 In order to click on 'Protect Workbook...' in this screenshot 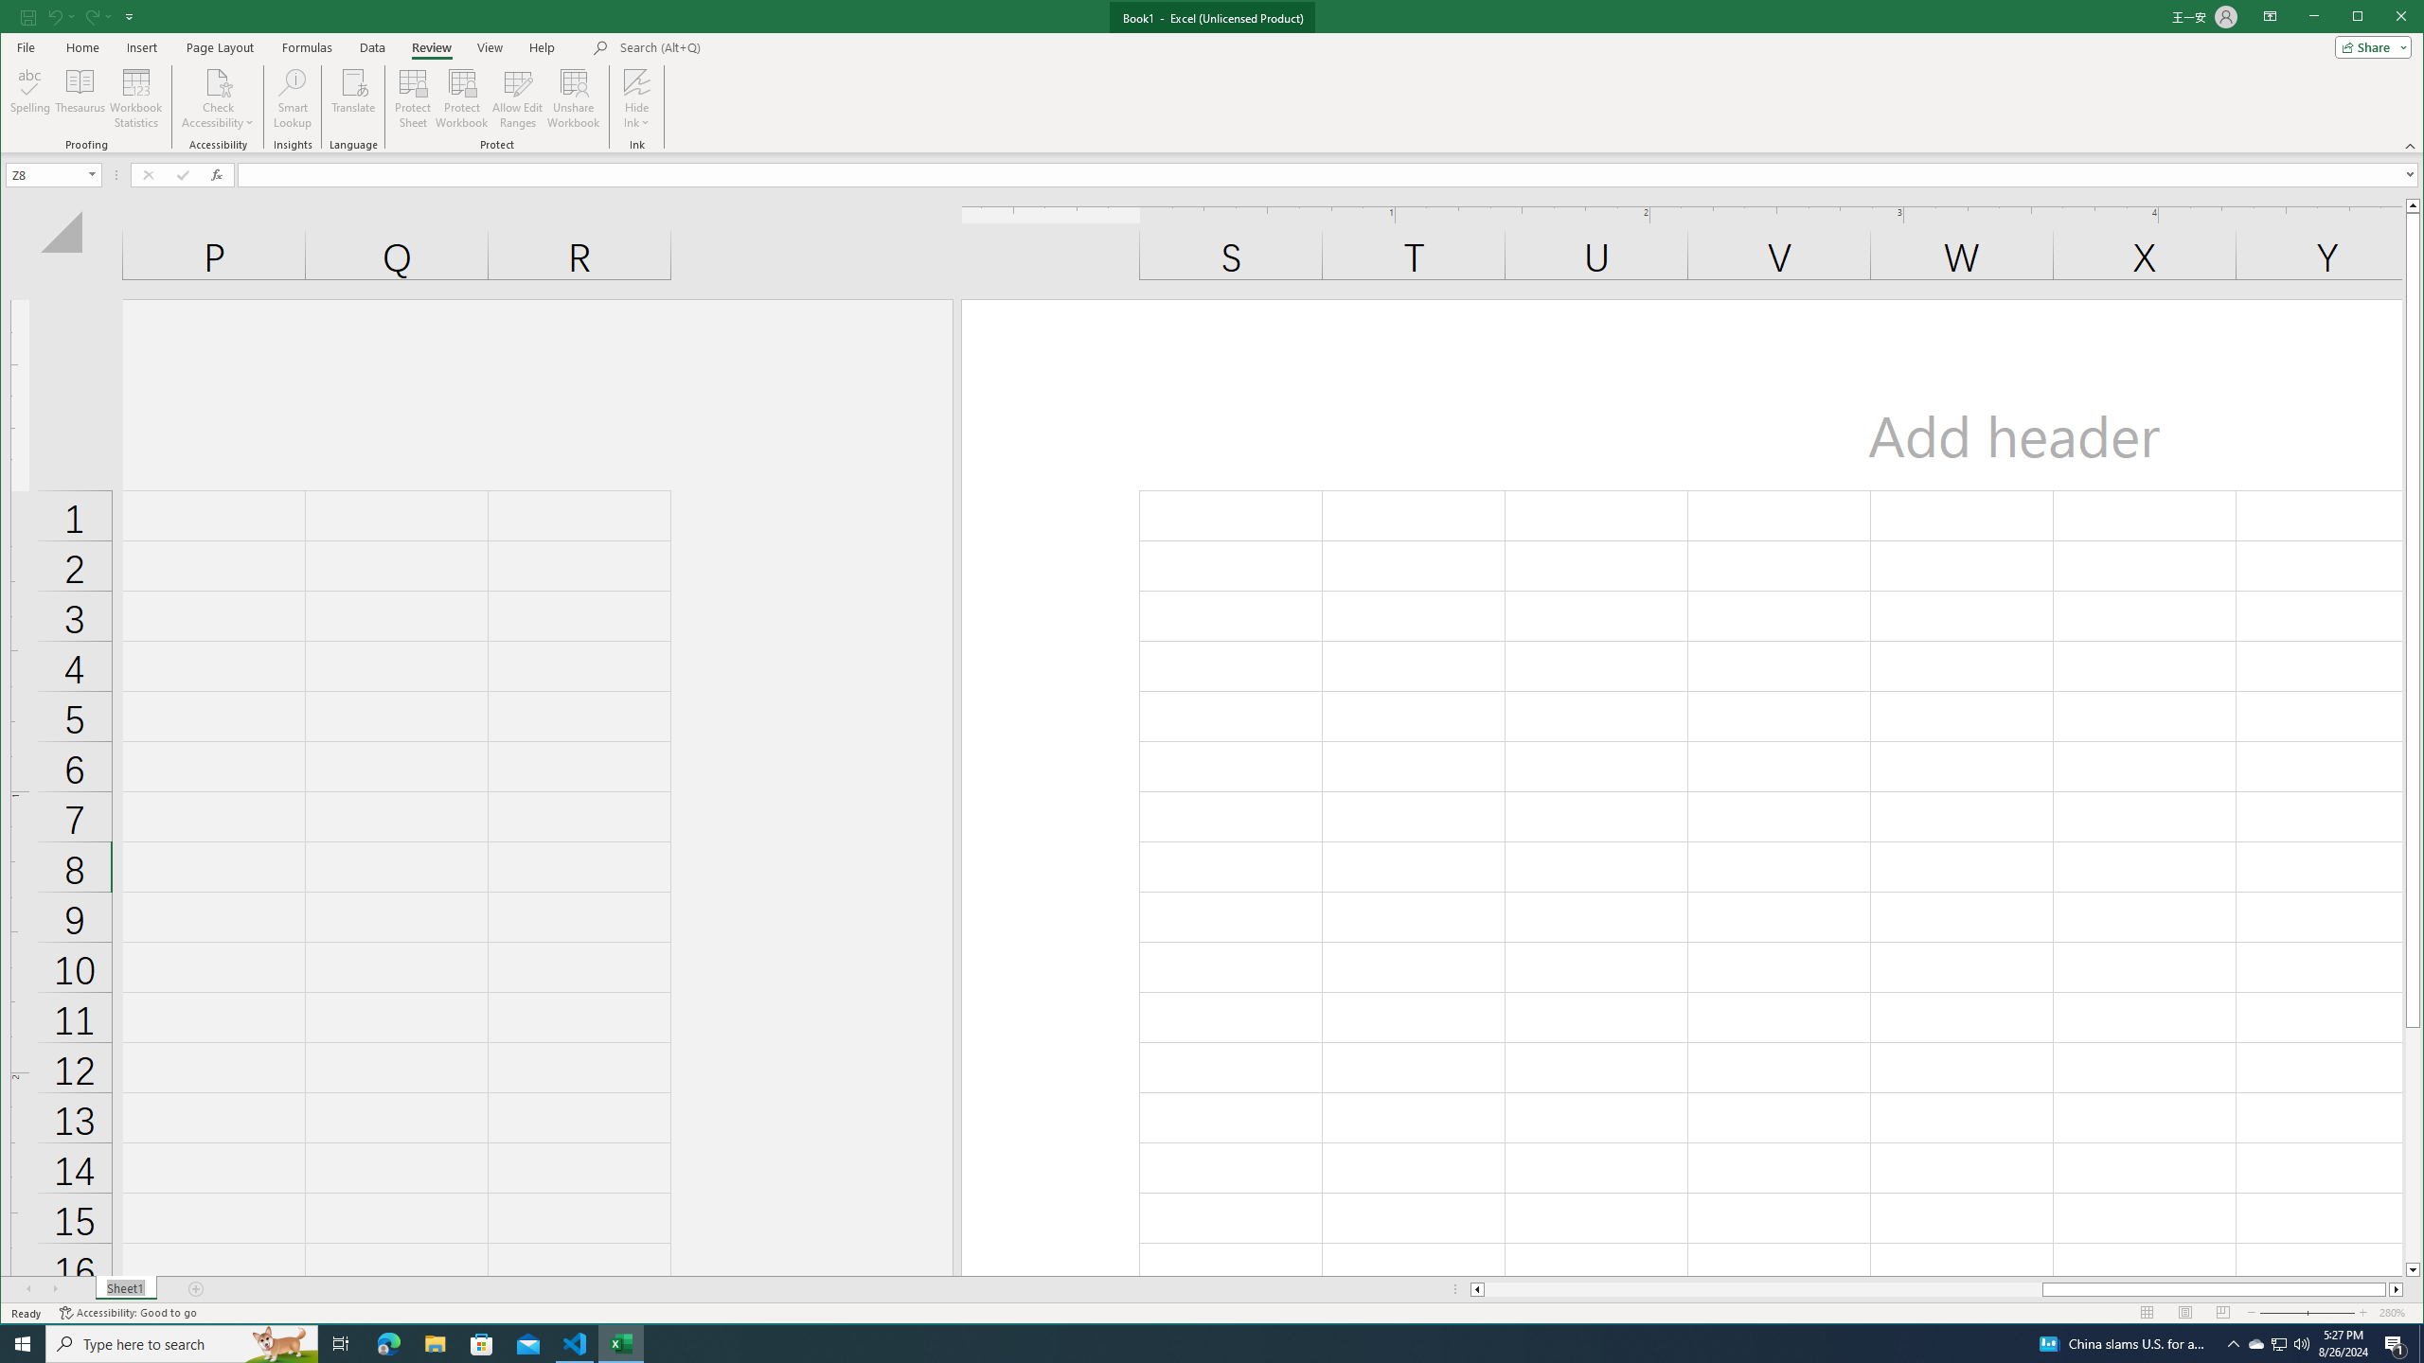, I will do `click(460, 97)`.